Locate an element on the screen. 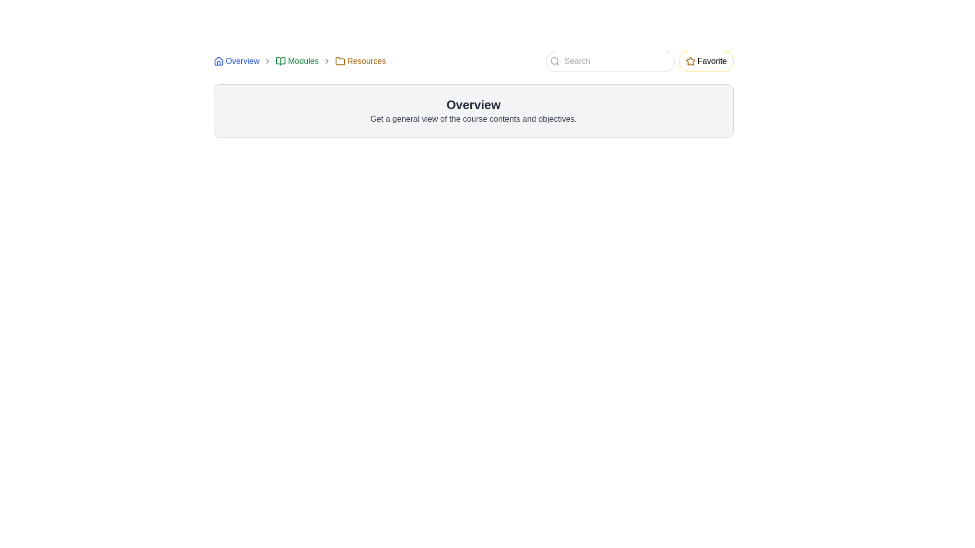  the 'Resources' clickable link is located at coordinates (360, 61).